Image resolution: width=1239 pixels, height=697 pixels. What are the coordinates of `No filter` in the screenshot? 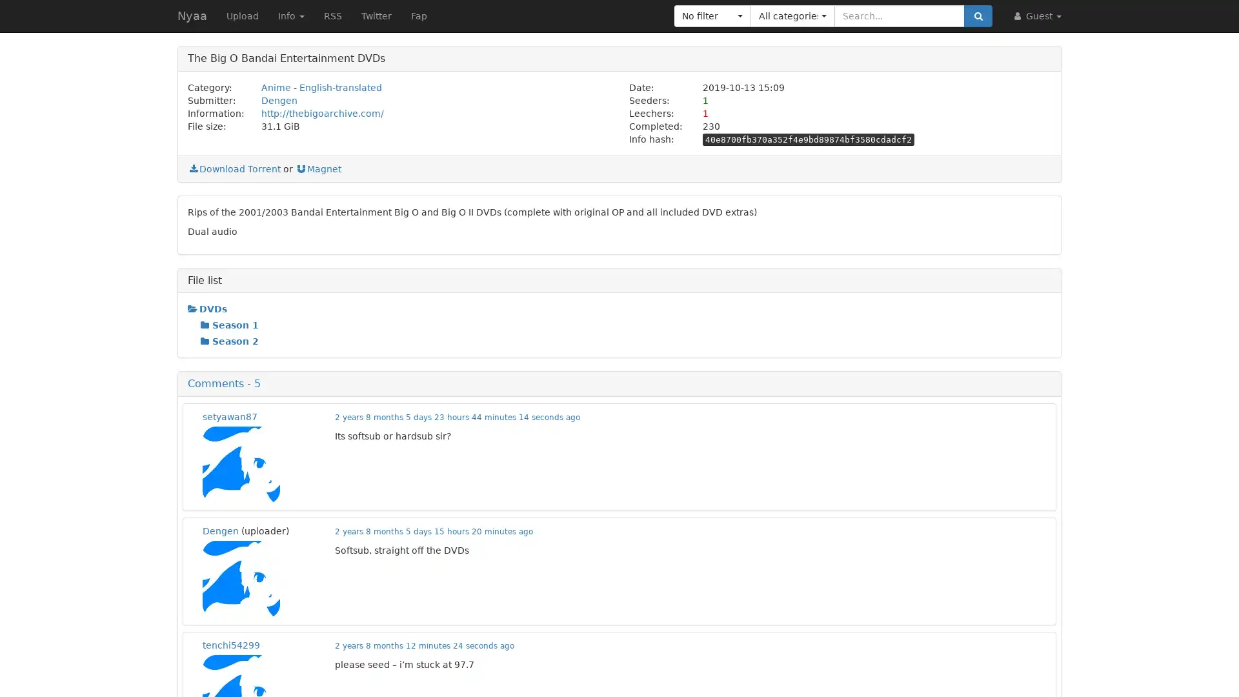 It's located at (712, 15).